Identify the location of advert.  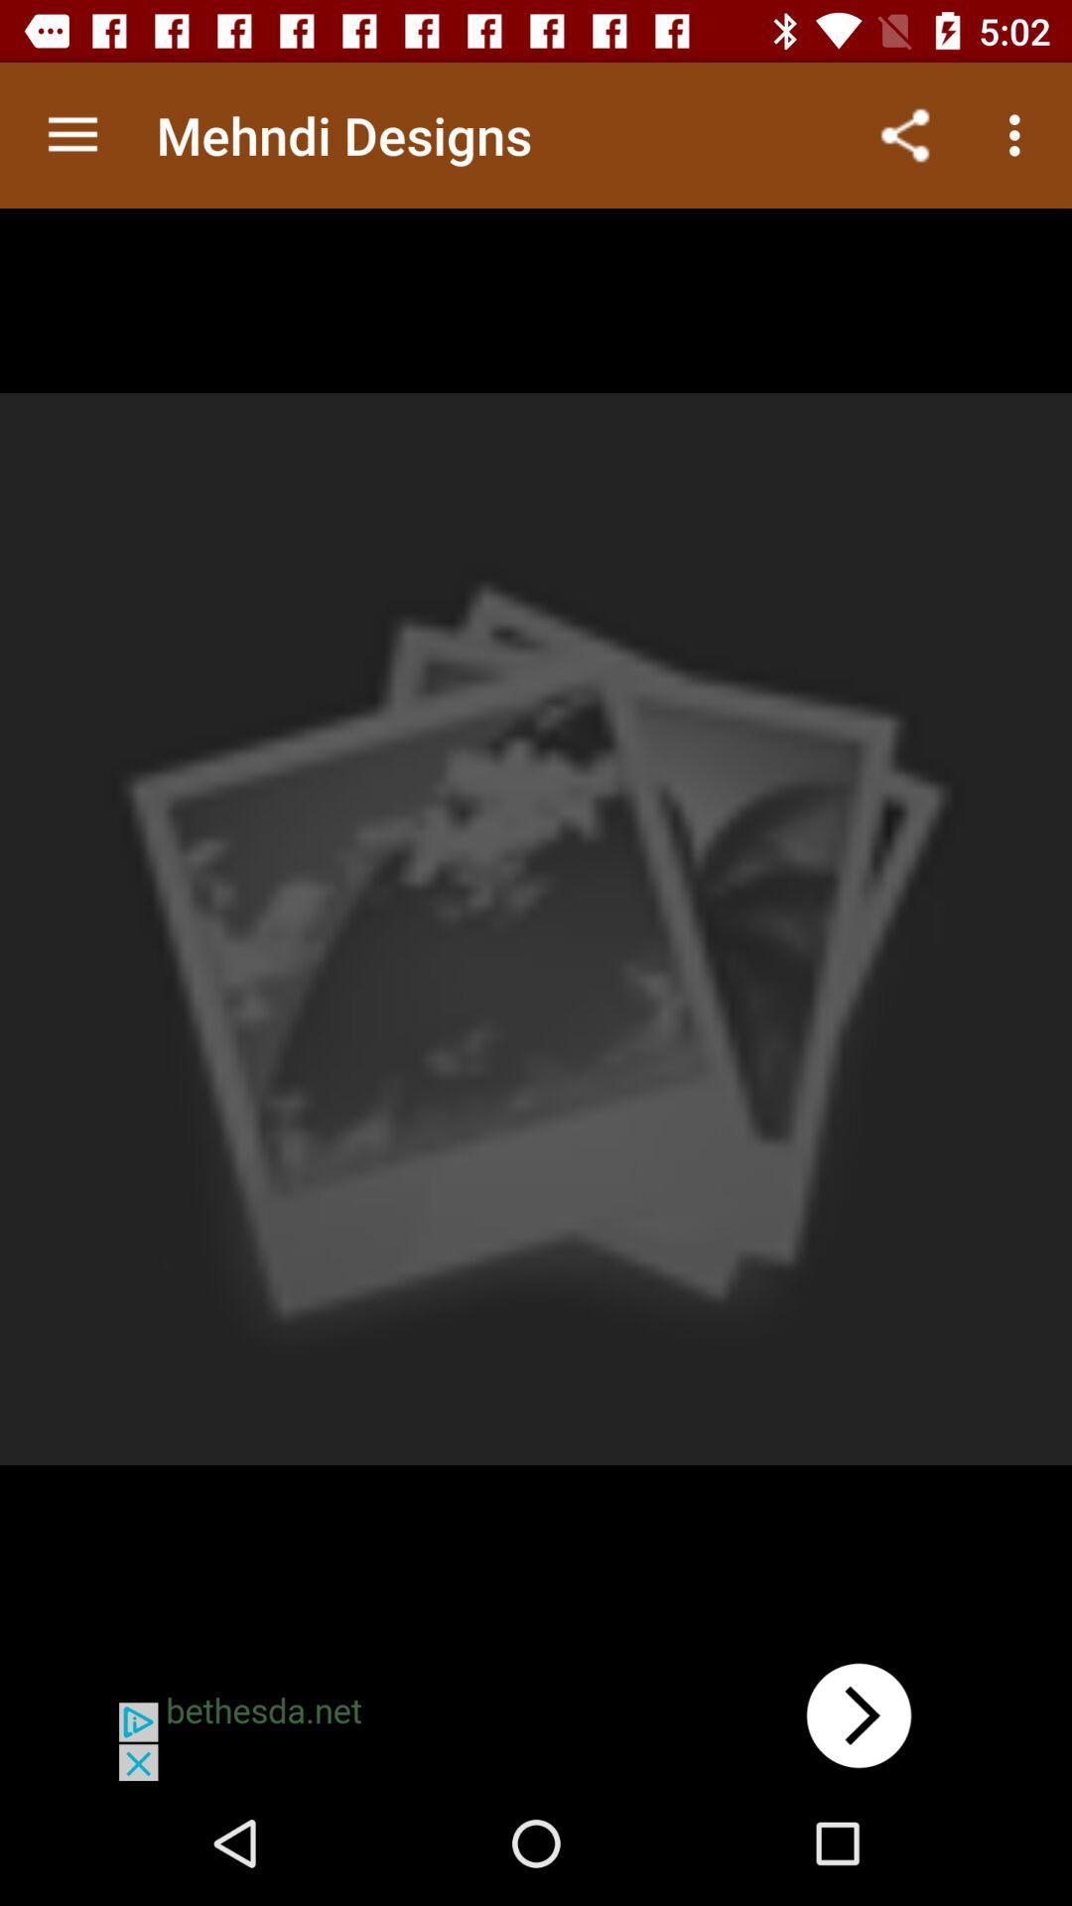
(536, 1714).